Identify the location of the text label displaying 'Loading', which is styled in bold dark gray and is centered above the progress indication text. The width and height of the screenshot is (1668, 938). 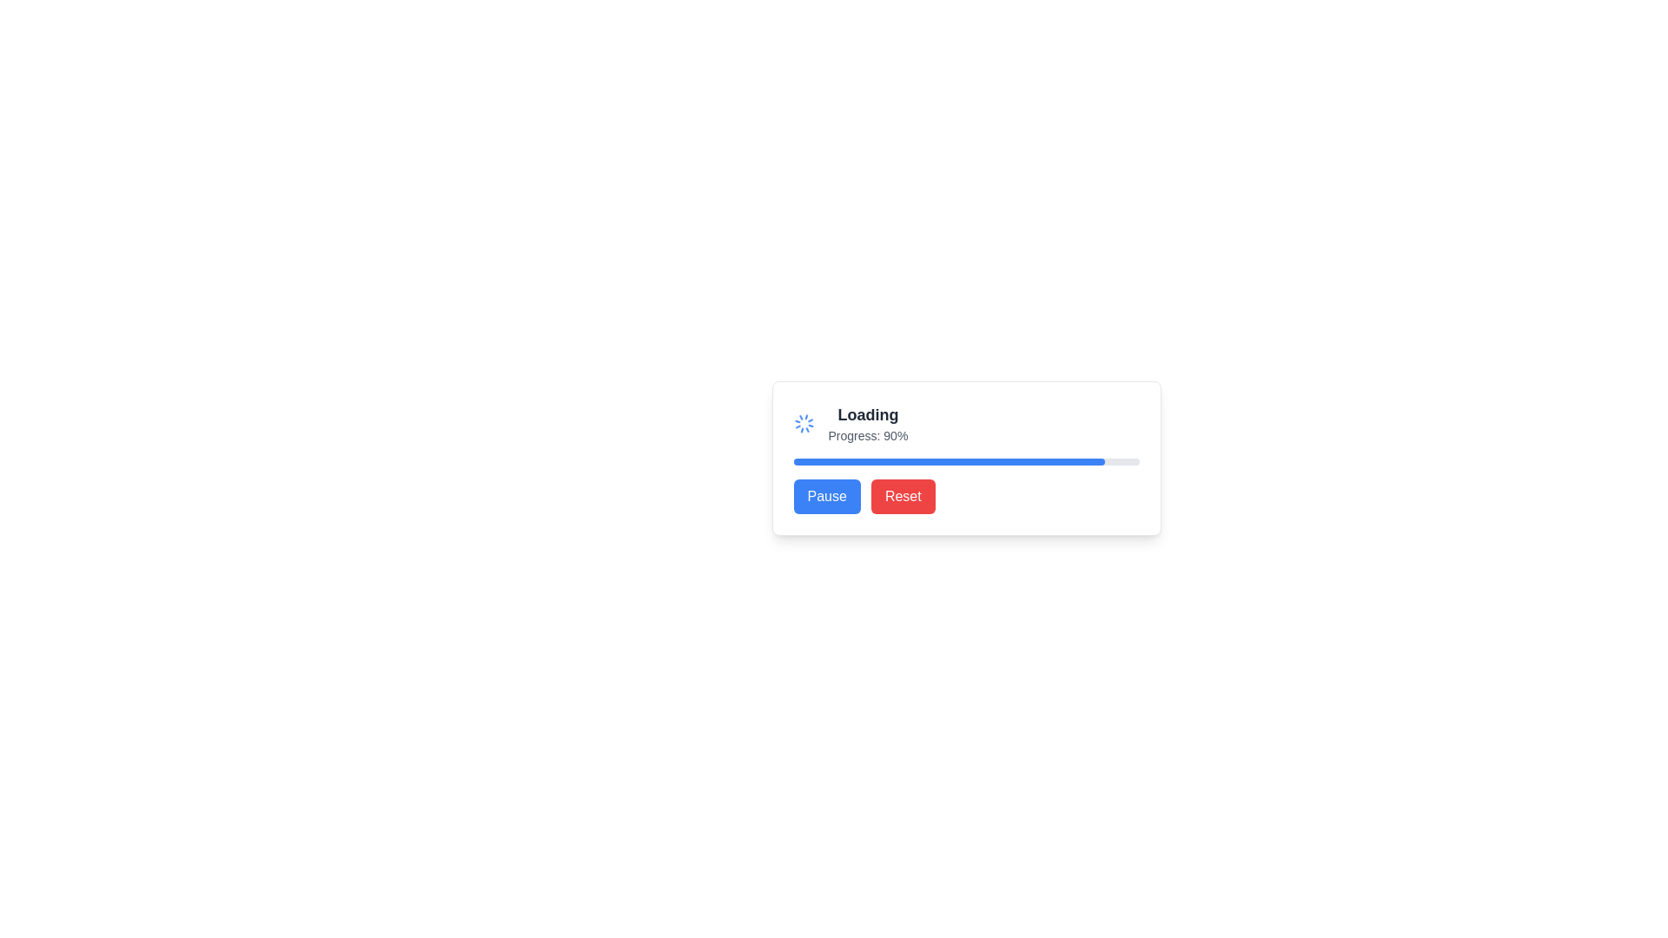
(868, 415).